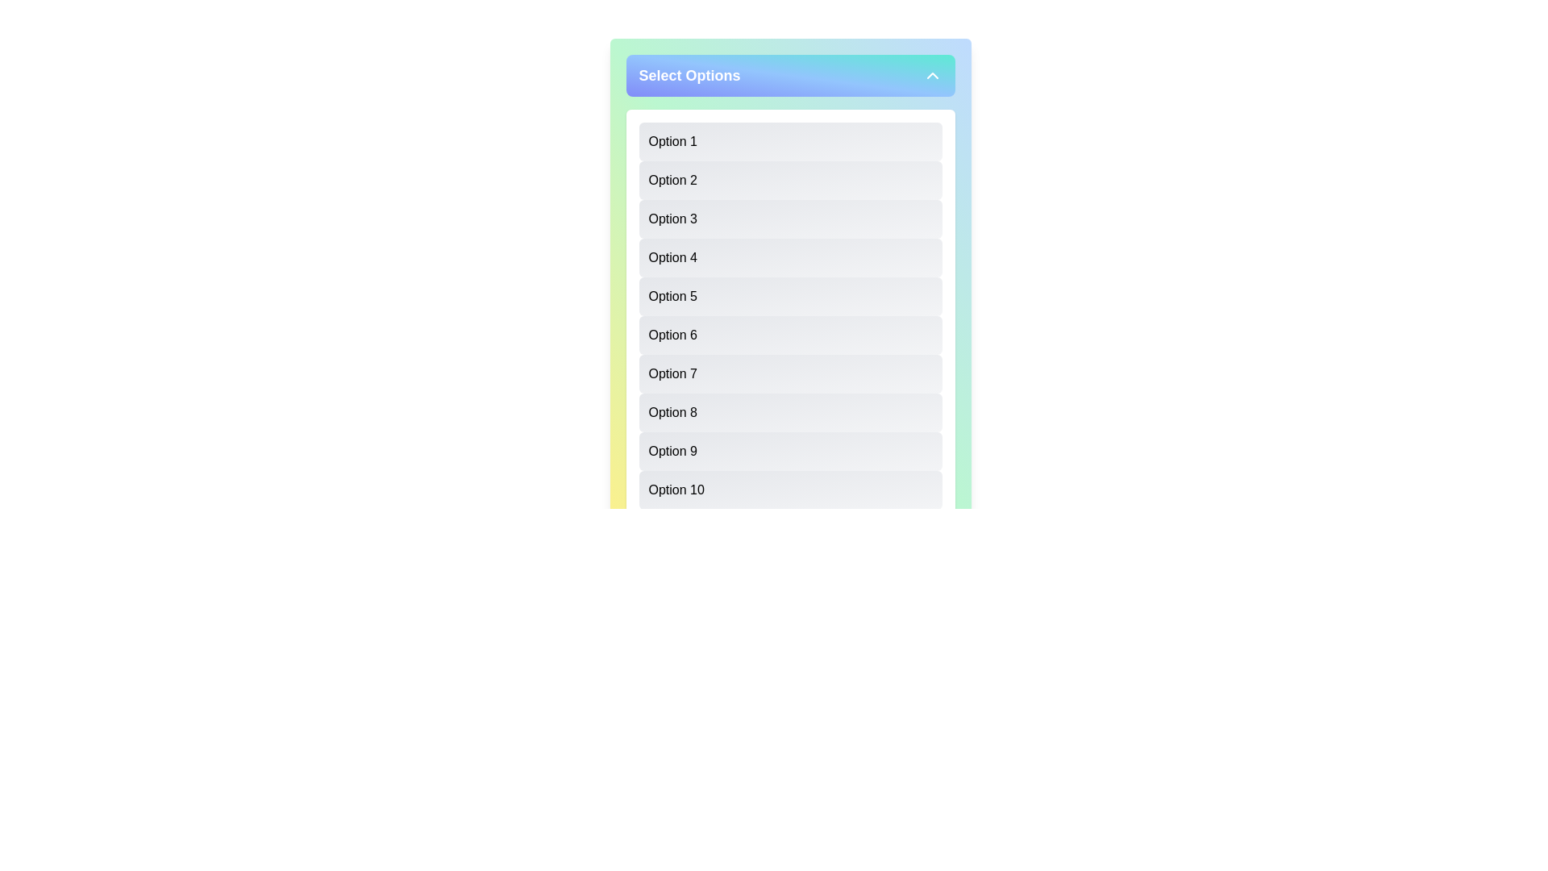  What do you see at coordinates (672, 373) in the screenshot?
I see `the label styled as a list item with the text 'Option 7' in the vertical dropdown menu` at bounding box center [672, 373].